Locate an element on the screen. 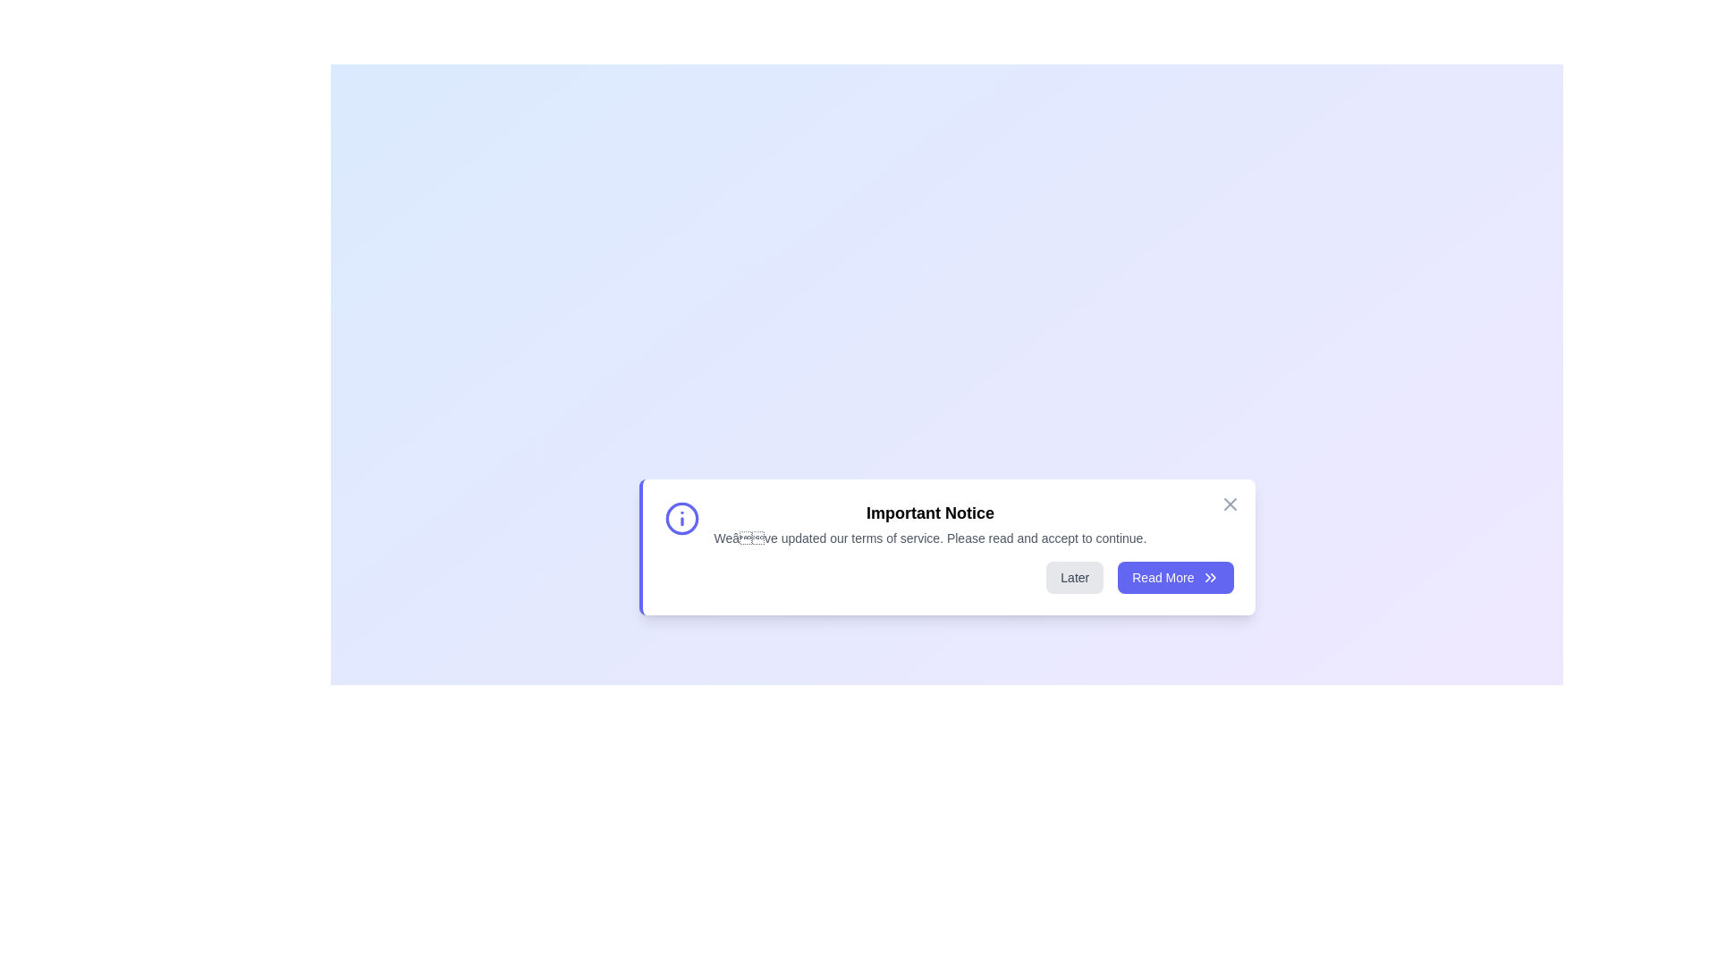  the informational icon to reveal its context is located at coordinates (681, 518).